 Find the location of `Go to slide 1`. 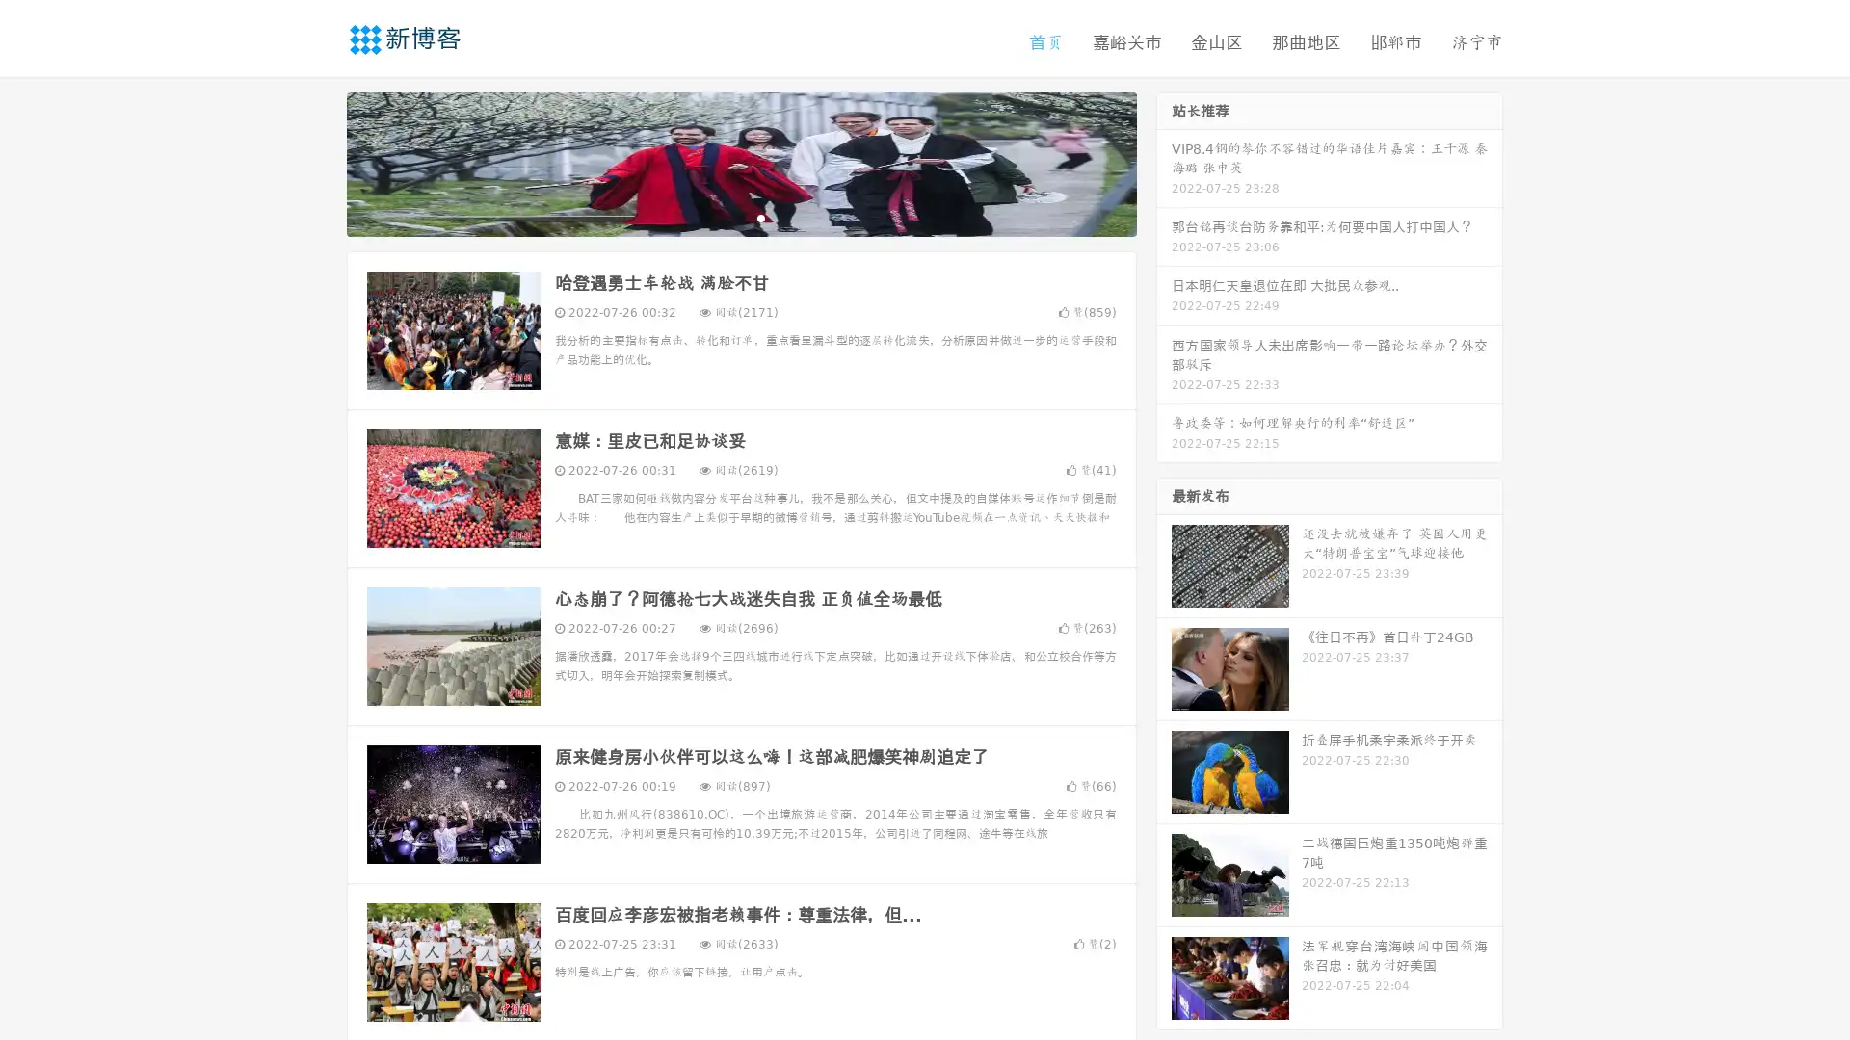

Go to slide 1 is located at coordinates (721, 217).